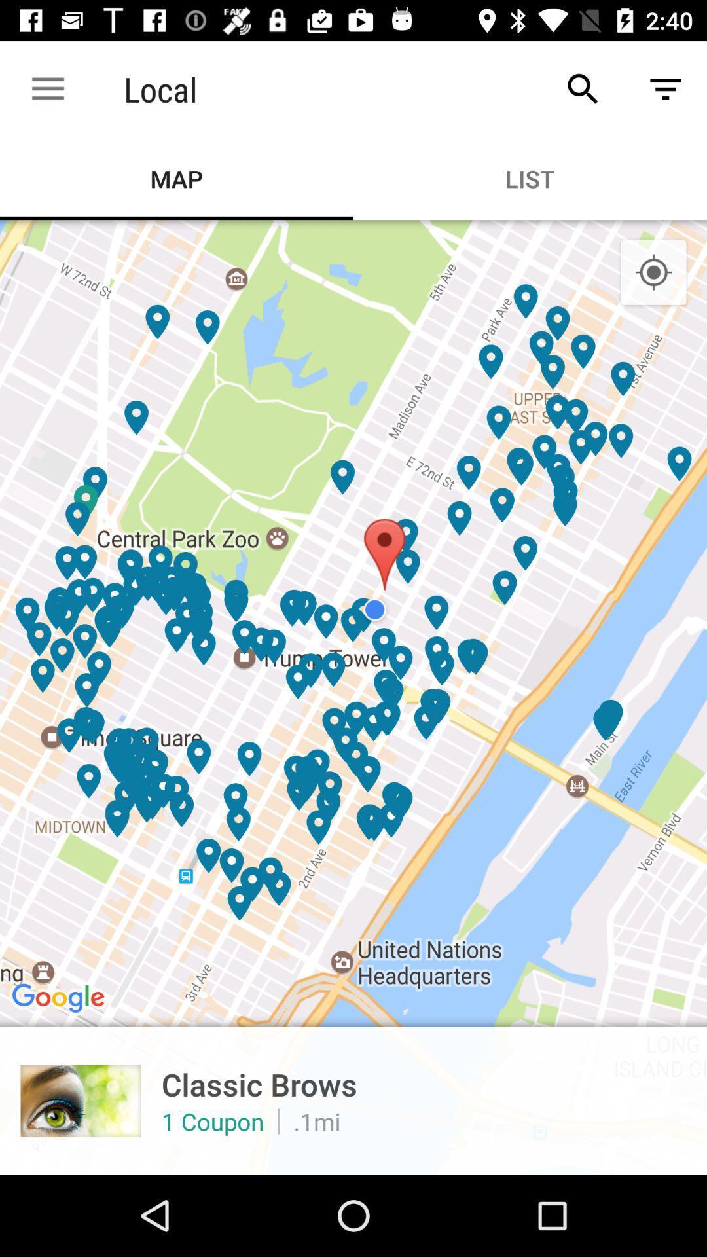 The width and height of the screenshot is (707, 1257). I want to click on item to the left of local, so click(47, 88).